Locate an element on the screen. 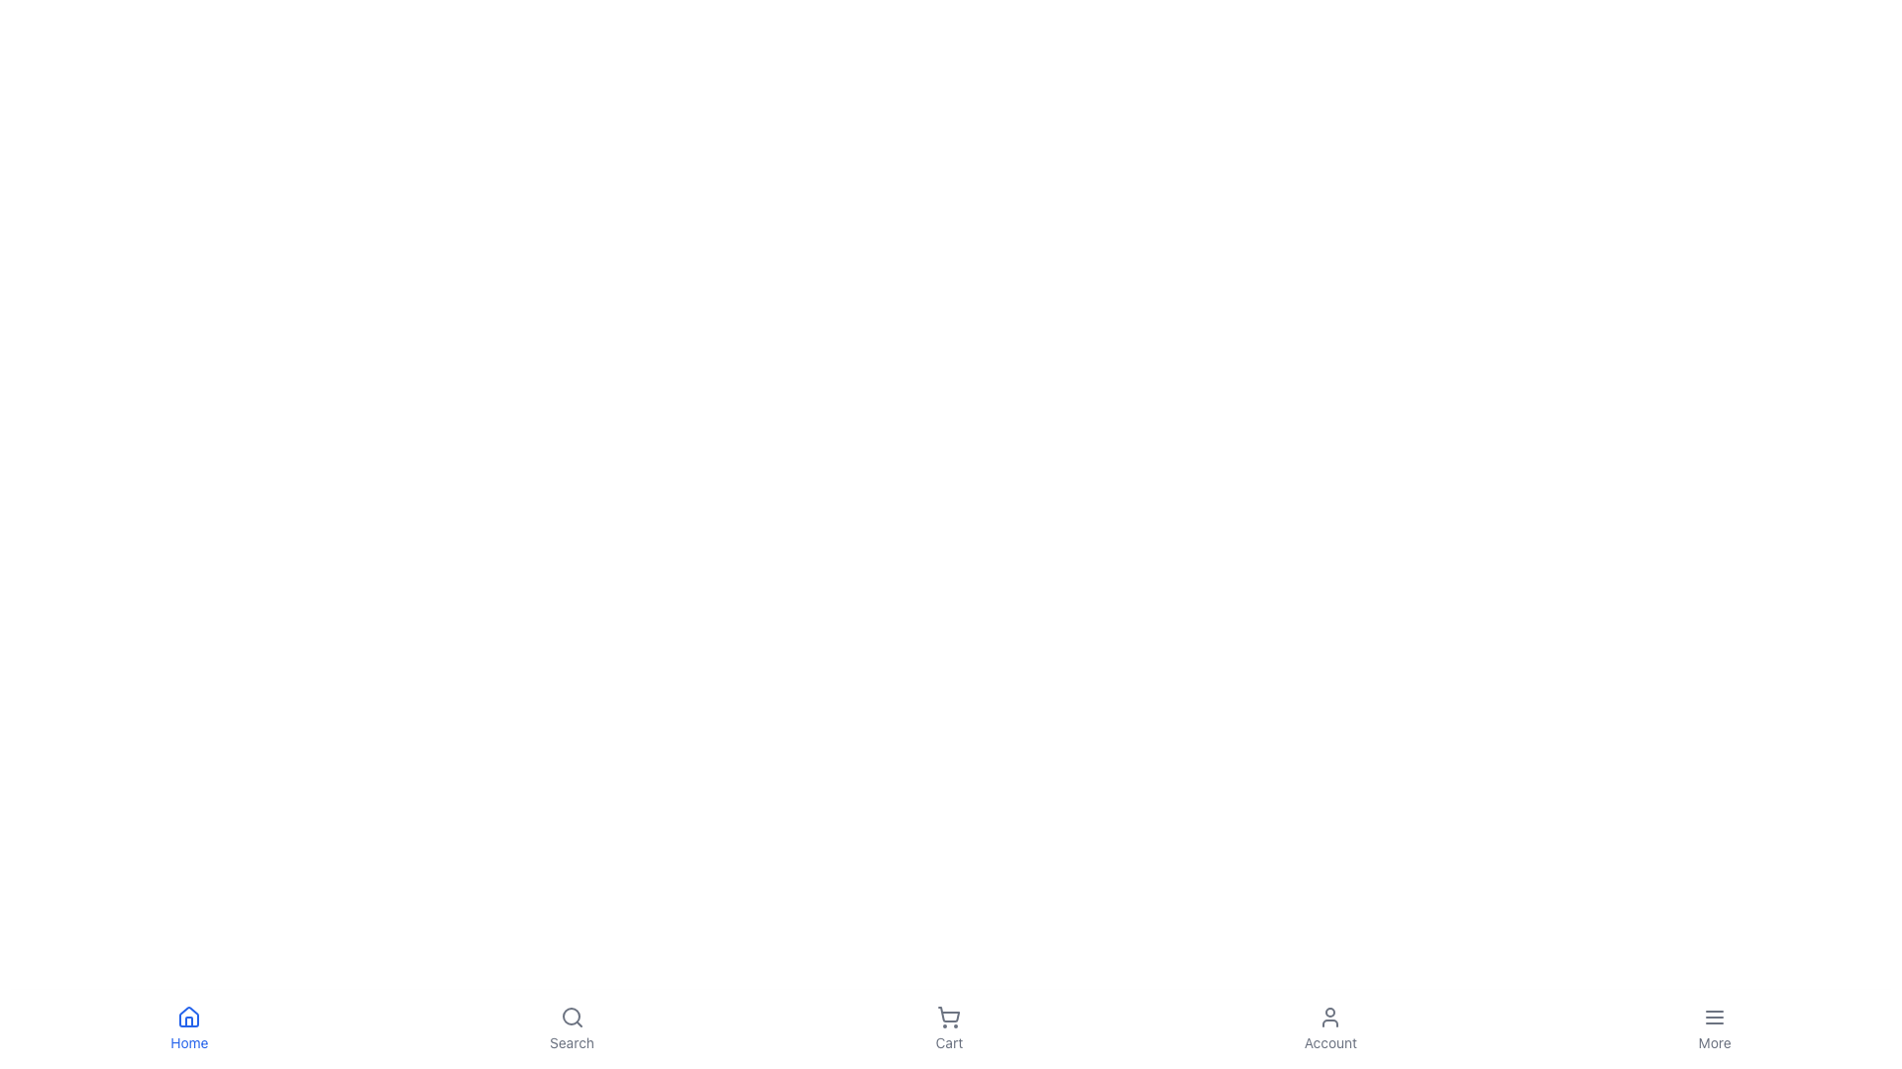 The width and height of the screenshot is (1902, 1069). the 'Account' label in the bottom navigation bar, which is located beneath the user icon and is the fourth item from the left among five similar items is located at coordinates (1330, 1041).